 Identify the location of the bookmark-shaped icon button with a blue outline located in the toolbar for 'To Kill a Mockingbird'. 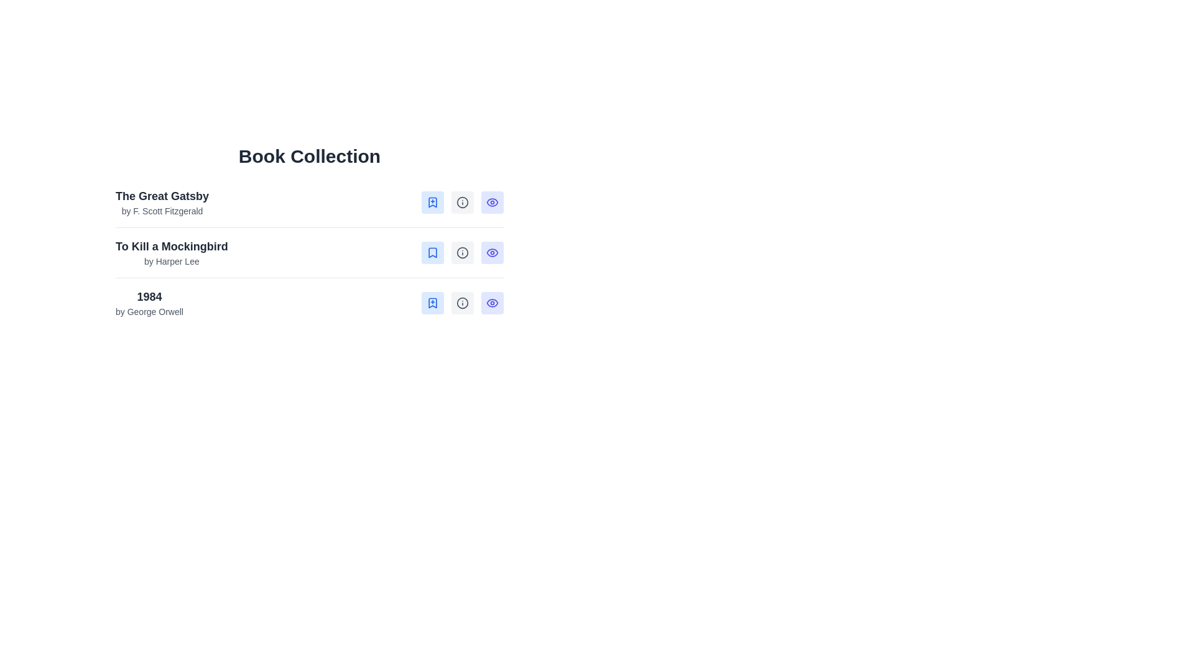
(433, 252).